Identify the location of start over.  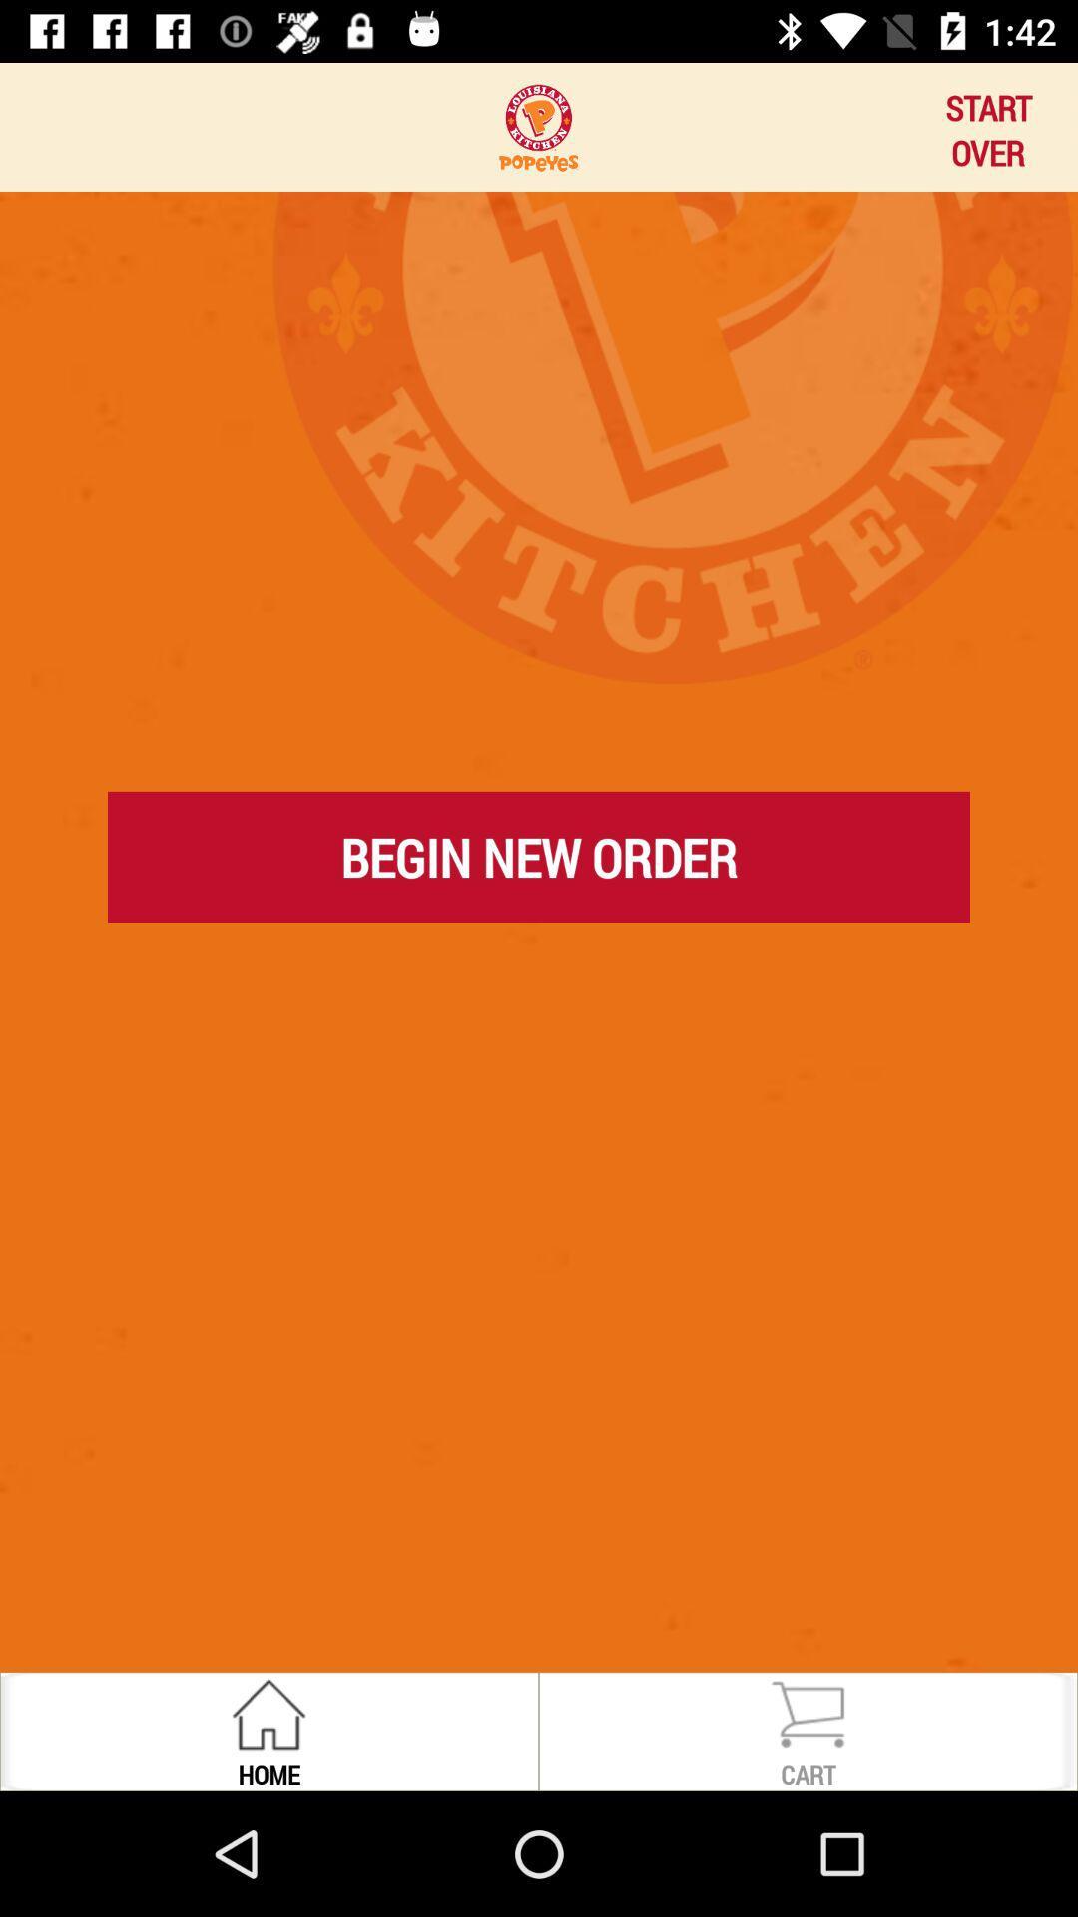
(988, 126).